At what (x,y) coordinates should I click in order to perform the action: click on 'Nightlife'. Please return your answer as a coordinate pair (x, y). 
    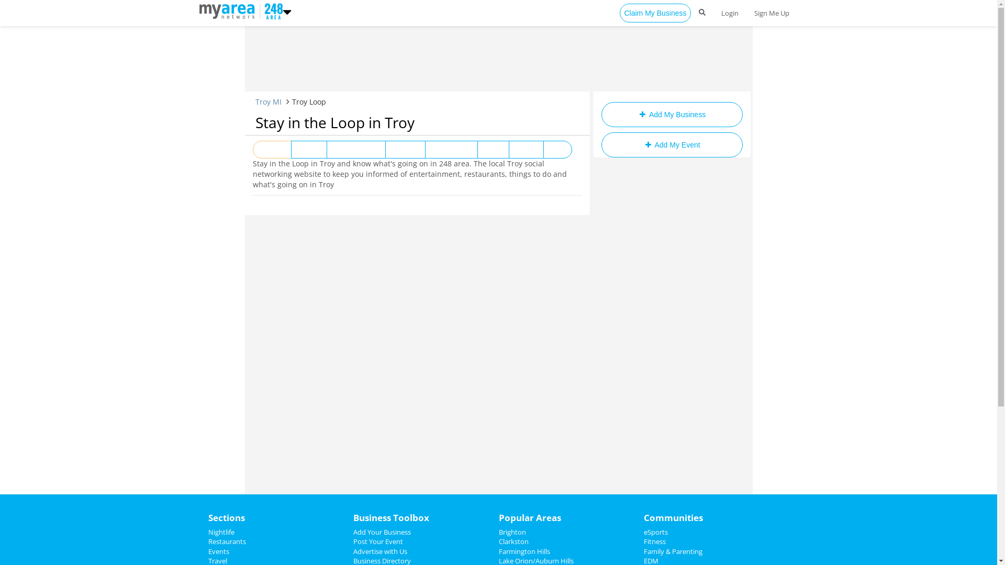
    Looking at the image, I should click on (220, 532).